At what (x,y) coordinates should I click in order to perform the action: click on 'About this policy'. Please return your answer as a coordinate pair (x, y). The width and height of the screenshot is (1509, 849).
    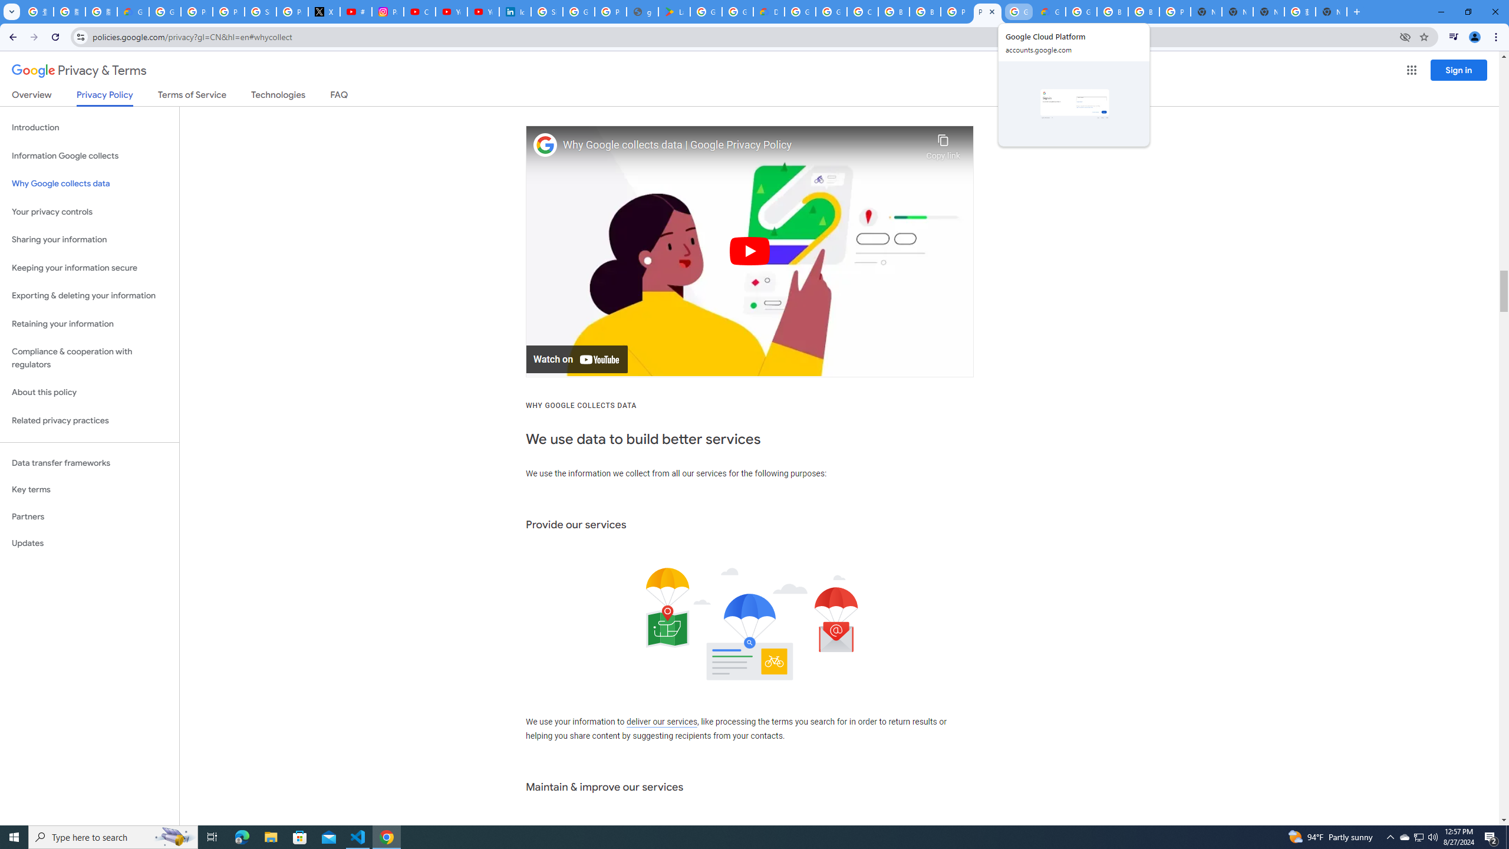
    Looking at the image, I should click on (89, 393).